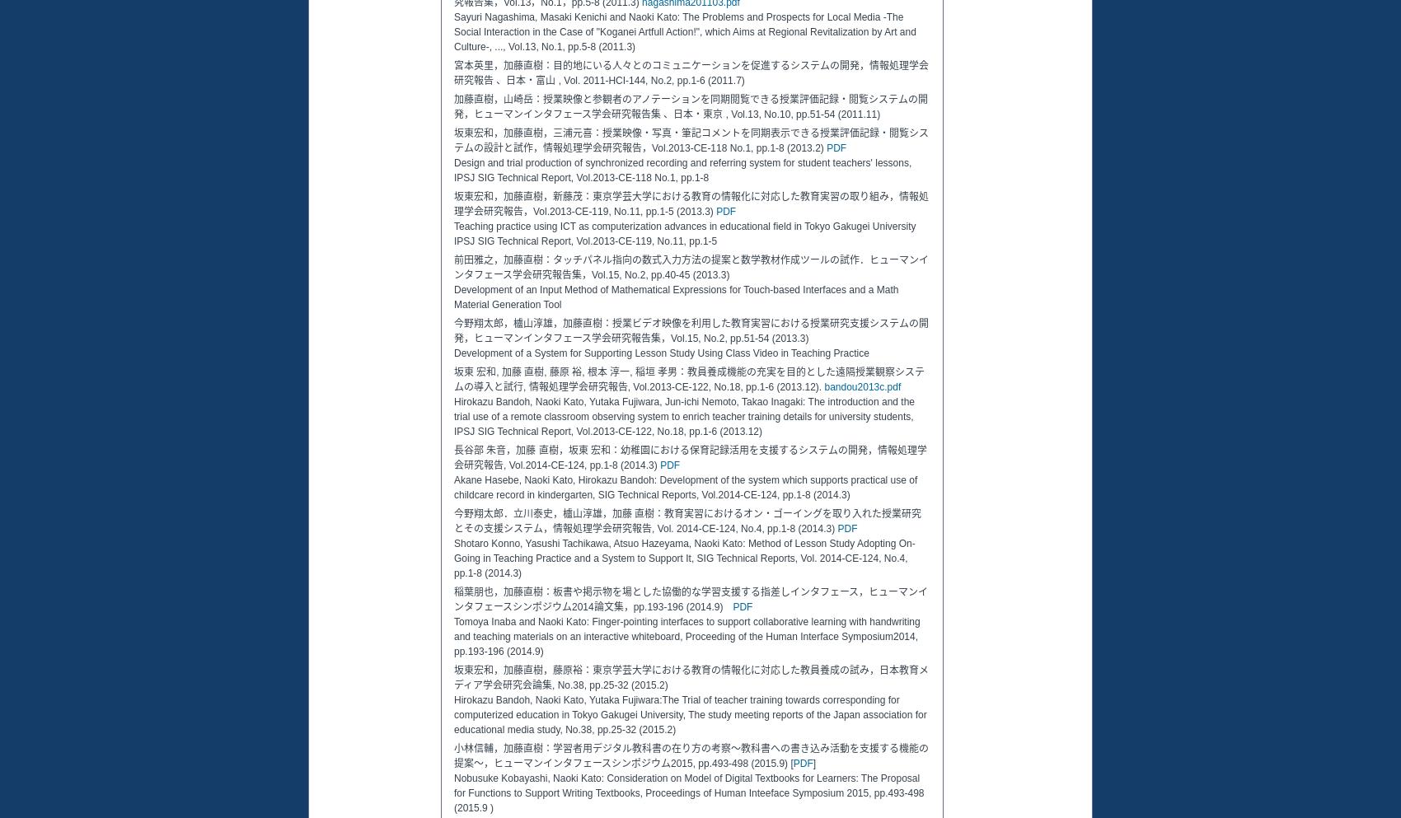  What do you see at coordinates (683, 559) in the screenshot?
I see `'Shotaro Konno, Yasushi Tachikawa, Atsuo Hazeyama, Naoki Kato: Method of Lesson Study Adopting On-Going in Teaching Practice and a System to Support It, SIG Technical Reports, Vol. 2014-CE-124, No.4, pp.1-8 (2014.3)'` at bounding box center [683, 559].